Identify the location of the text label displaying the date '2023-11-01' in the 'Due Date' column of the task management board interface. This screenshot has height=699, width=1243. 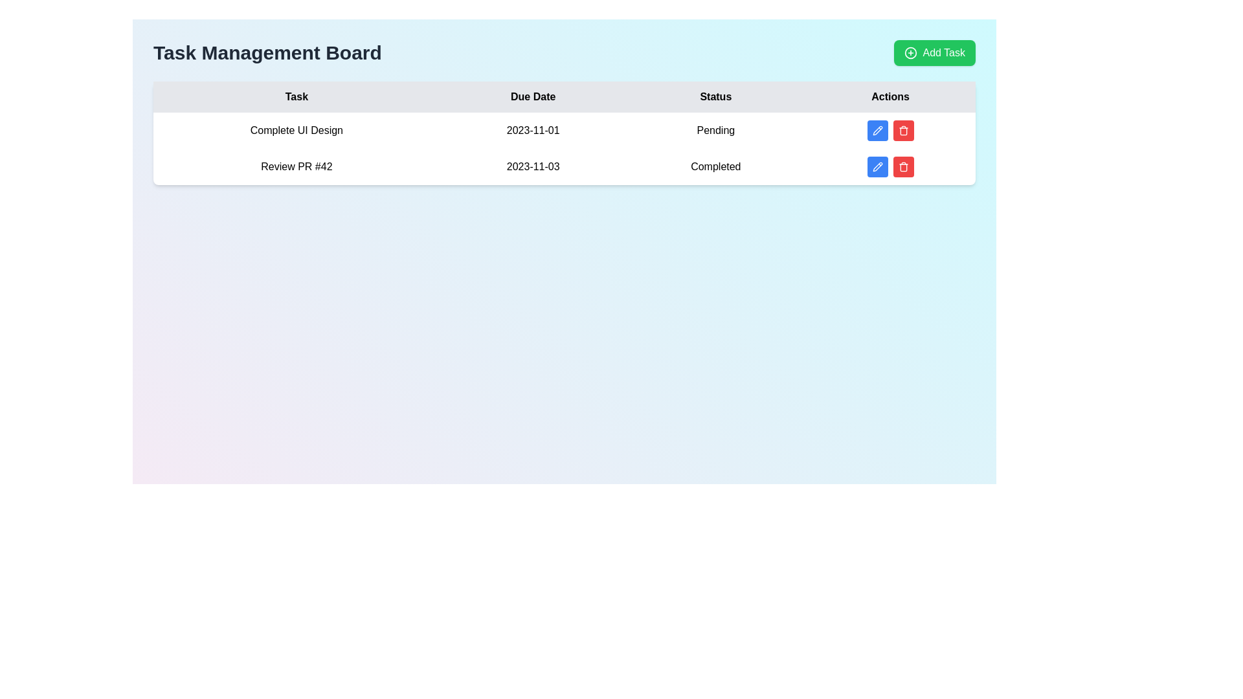
(533, 130).